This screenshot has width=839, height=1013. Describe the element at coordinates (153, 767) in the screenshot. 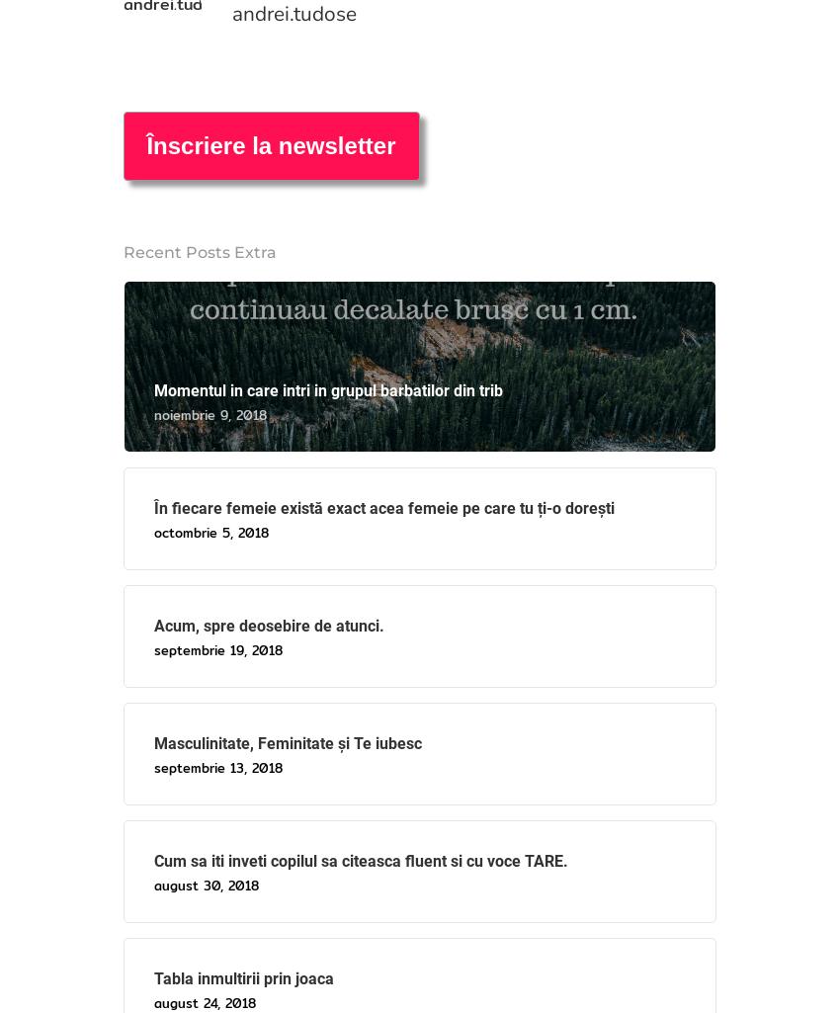

I see `'septembrie 13, 2018'` at that location.